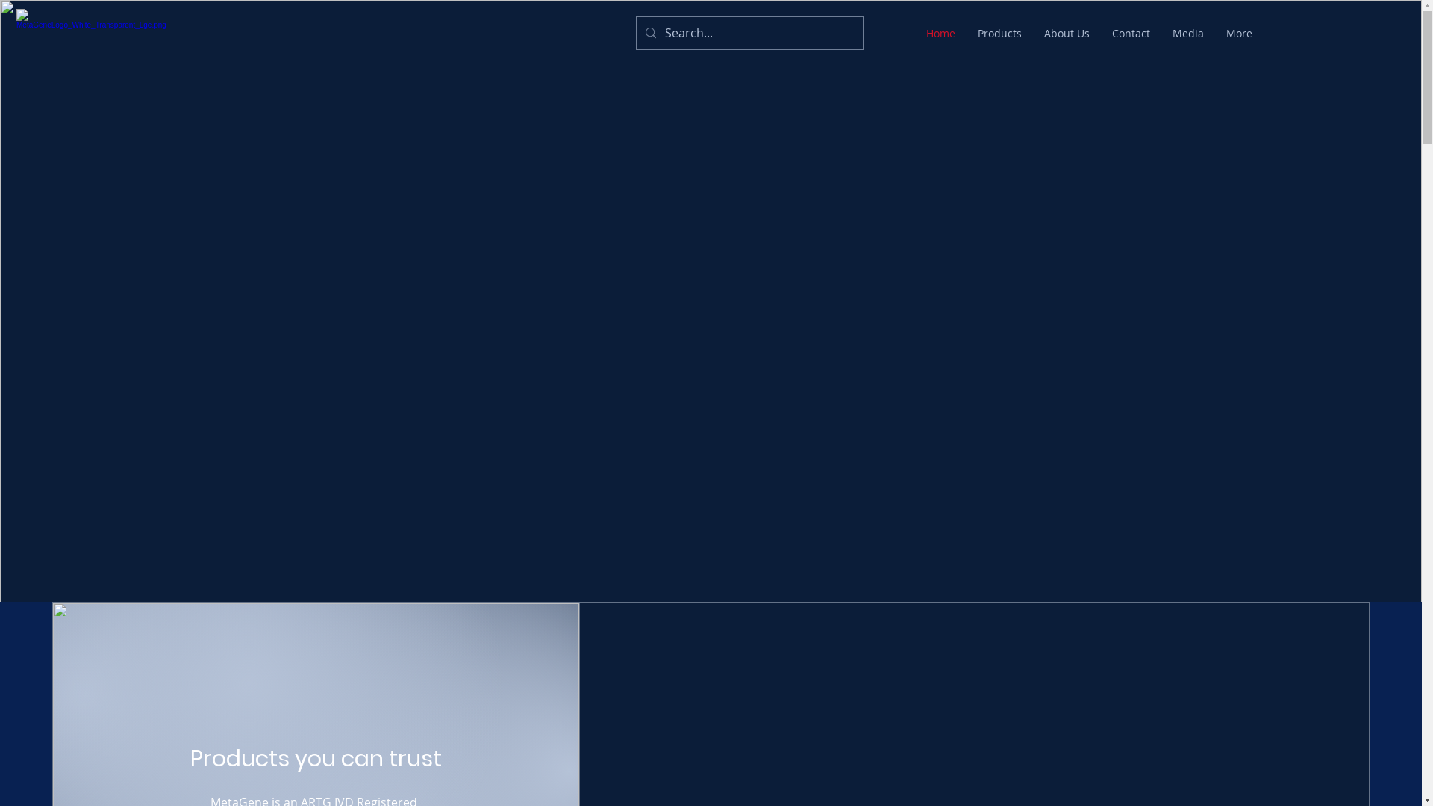 This screenshot has width=1433, height=806. I want to click on 'Home', so click(940, 34).